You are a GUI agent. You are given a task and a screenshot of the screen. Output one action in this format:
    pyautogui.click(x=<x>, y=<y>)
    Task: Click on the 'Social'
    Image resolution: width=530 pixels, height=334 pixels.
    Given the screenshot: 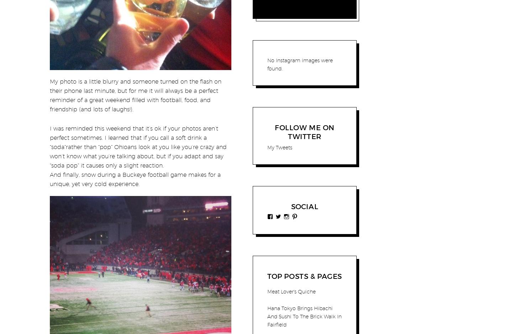 What is the action you would take?
    pyautogui.click(x=304, y=206)
    